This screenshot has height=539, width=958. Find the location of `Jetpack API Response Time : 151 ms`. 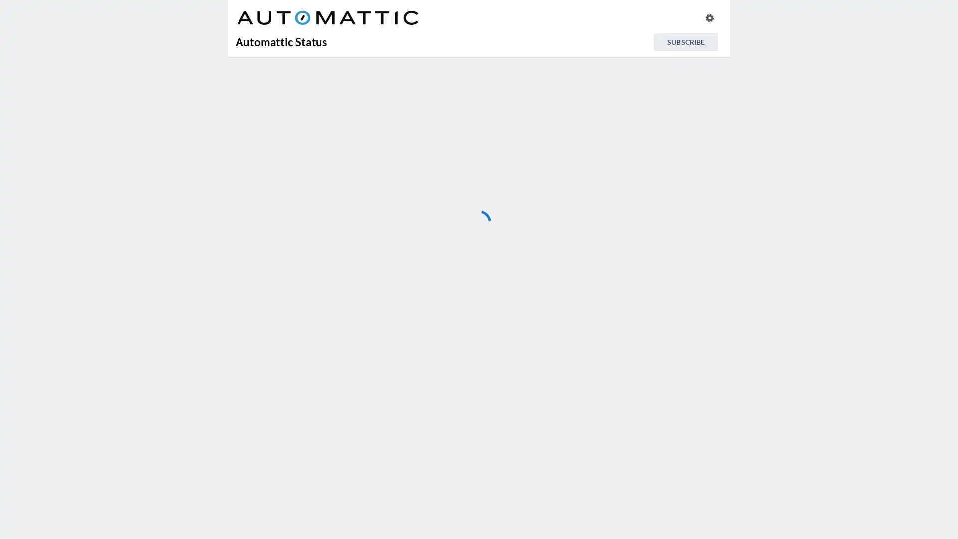

Jetpack API Response Time : 151 ms is located at coordinates (418, 313).